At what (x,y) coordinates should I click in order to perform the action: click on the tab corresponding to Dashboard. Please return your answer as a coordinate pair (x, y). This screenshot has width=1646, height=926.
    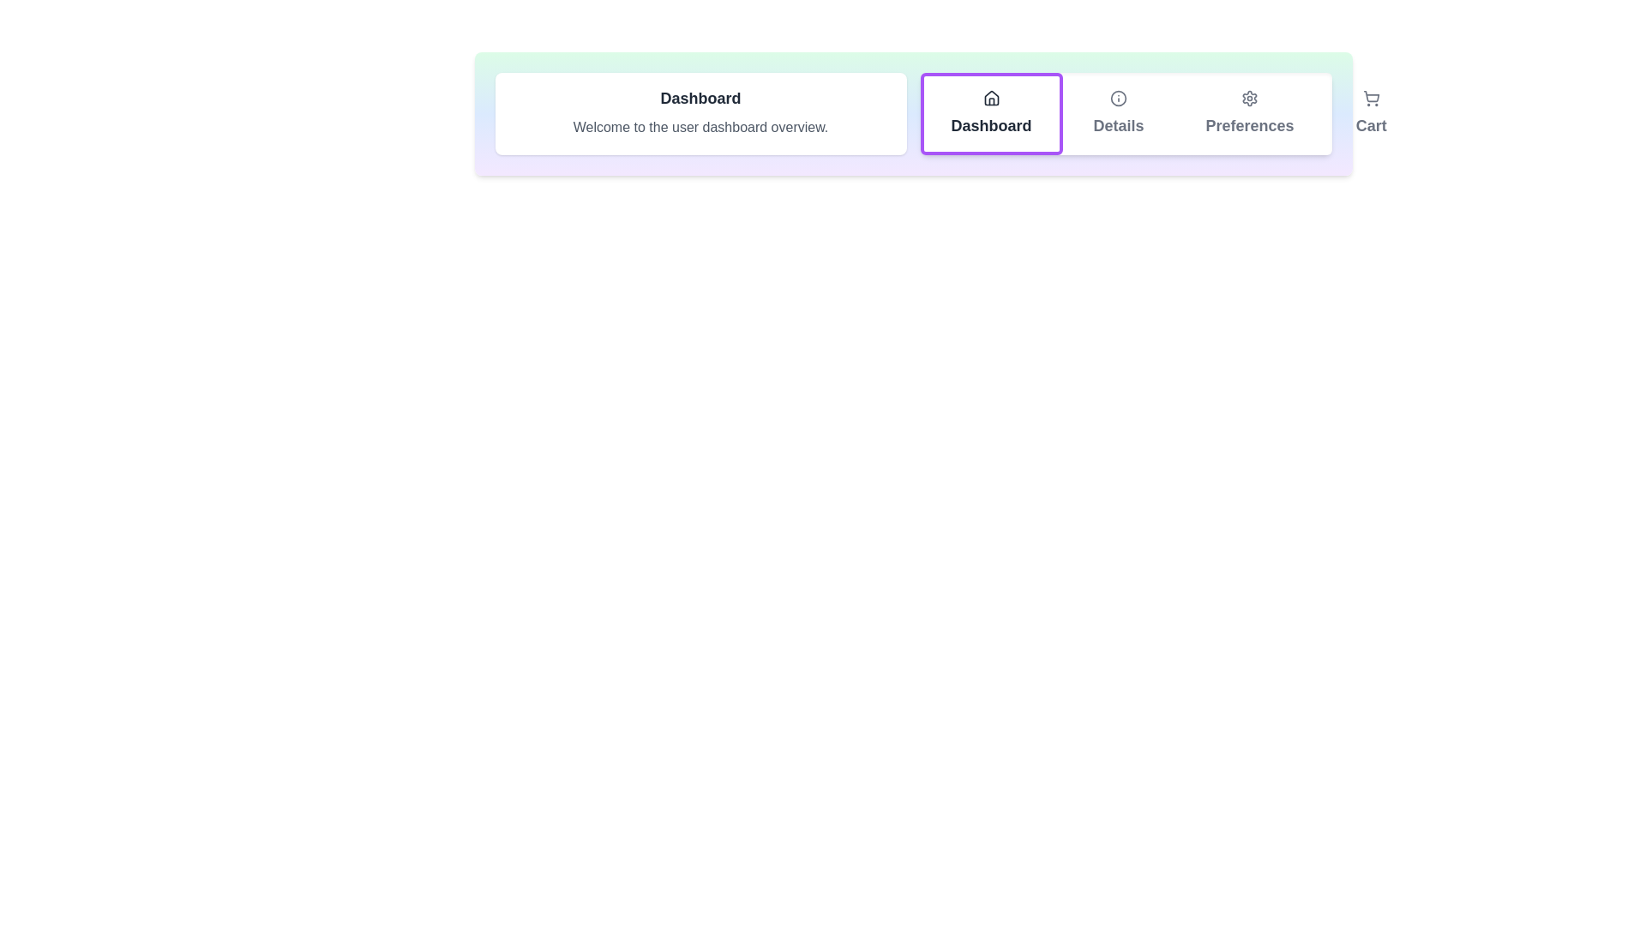
    Looking at the image, I should click on (991, 113).